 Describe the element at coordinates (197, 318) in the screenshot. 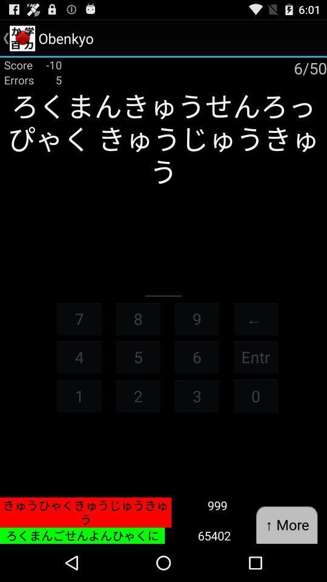

I see `icon above 6 item` at that location.